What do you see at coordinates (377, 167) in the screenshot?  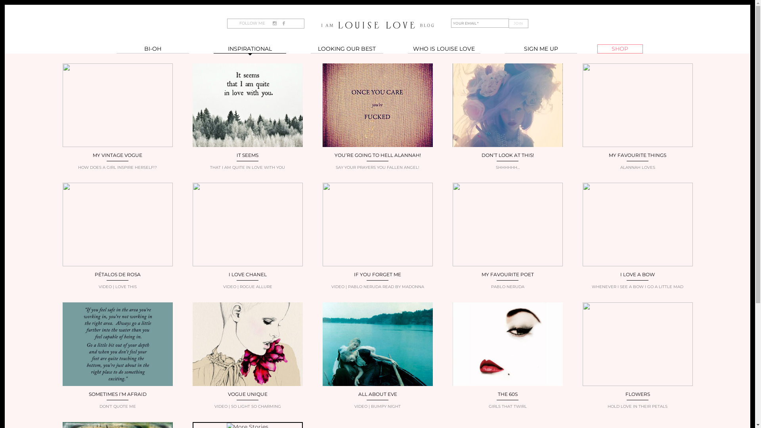 I see `'SAY YOUR PRAYERS YOU FALLEN ANGEL!'` at bounding box center [377, 167].